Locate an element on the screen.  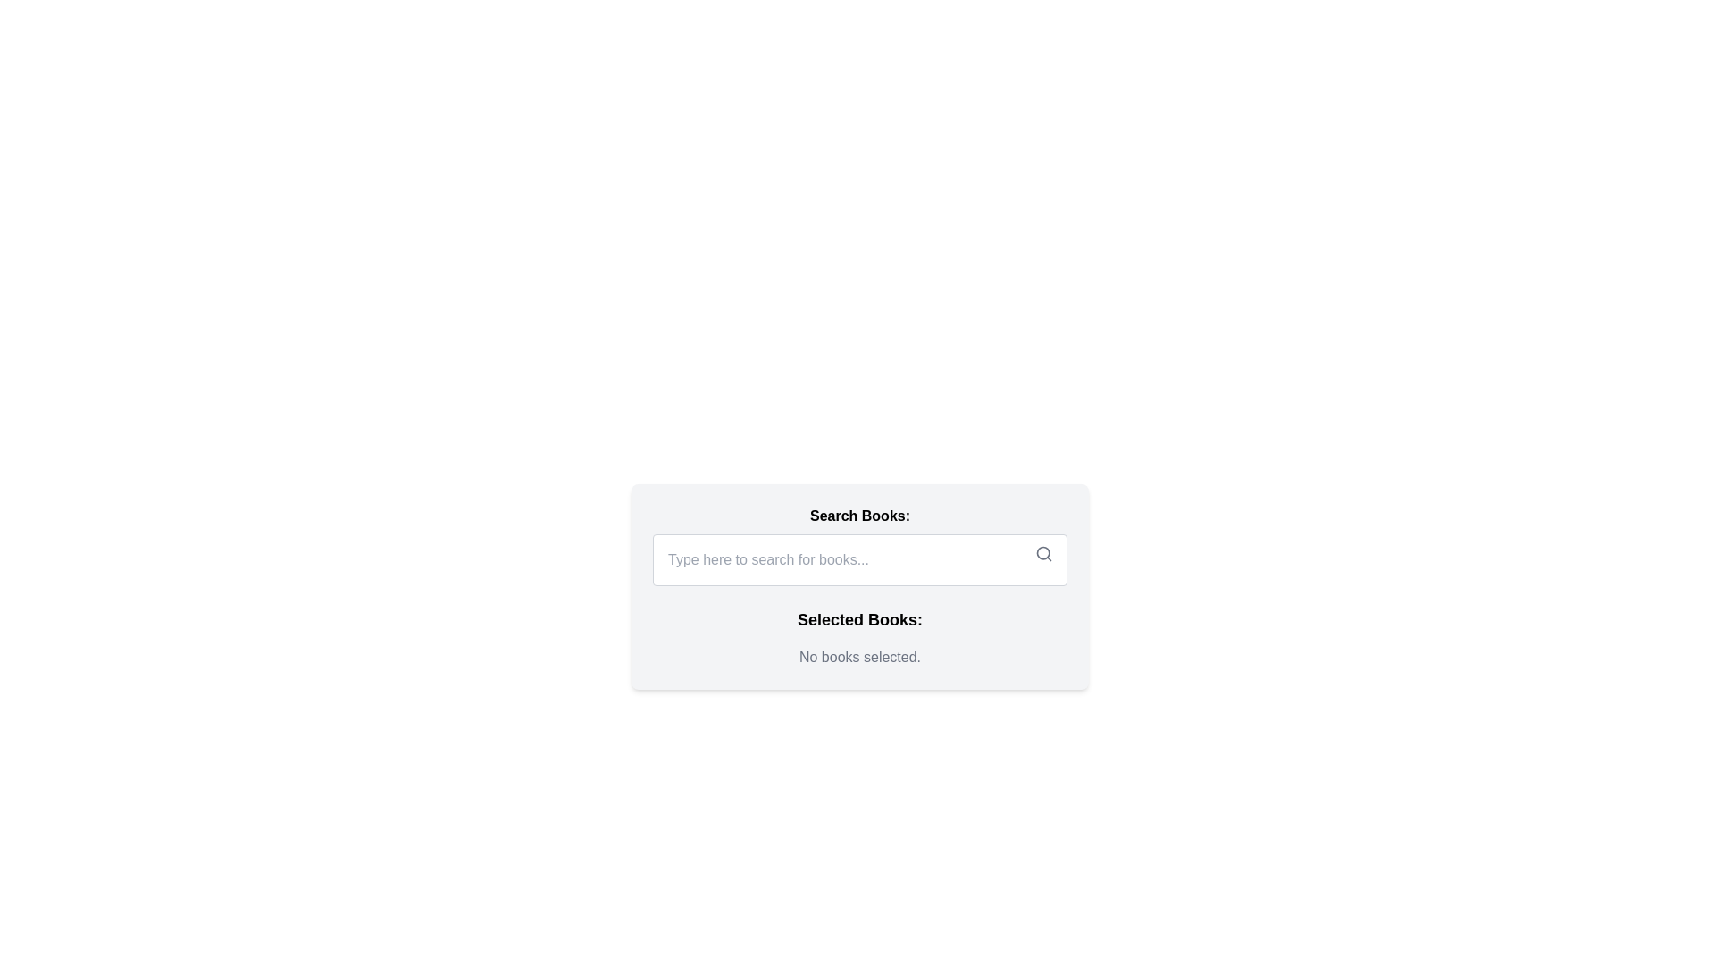
the bold, large-font text label displaying 'Selected Books:' which is centered and positioned below the 'Search Books:' section is located at coordinates (860, 619).